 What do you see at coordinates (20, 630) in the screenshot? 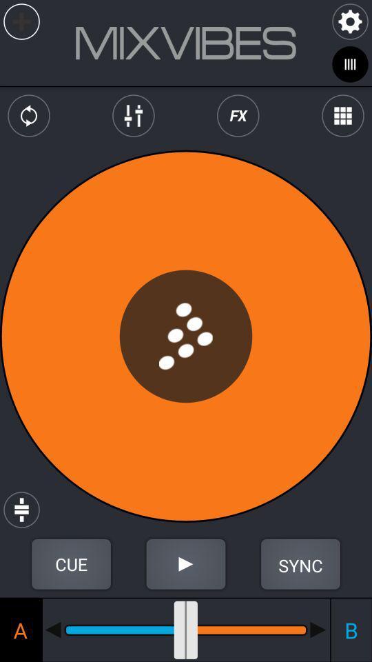
I see `a item` at bounding box center [20, 630].